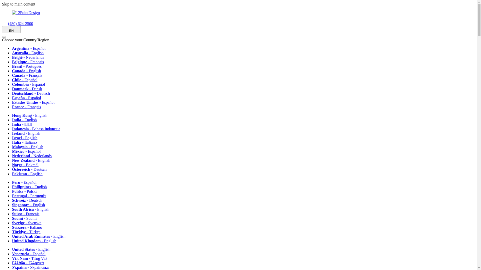  Describe the element at coordinates (2, 4) in the screenshot. I see `'Skip to main content'` at that location.